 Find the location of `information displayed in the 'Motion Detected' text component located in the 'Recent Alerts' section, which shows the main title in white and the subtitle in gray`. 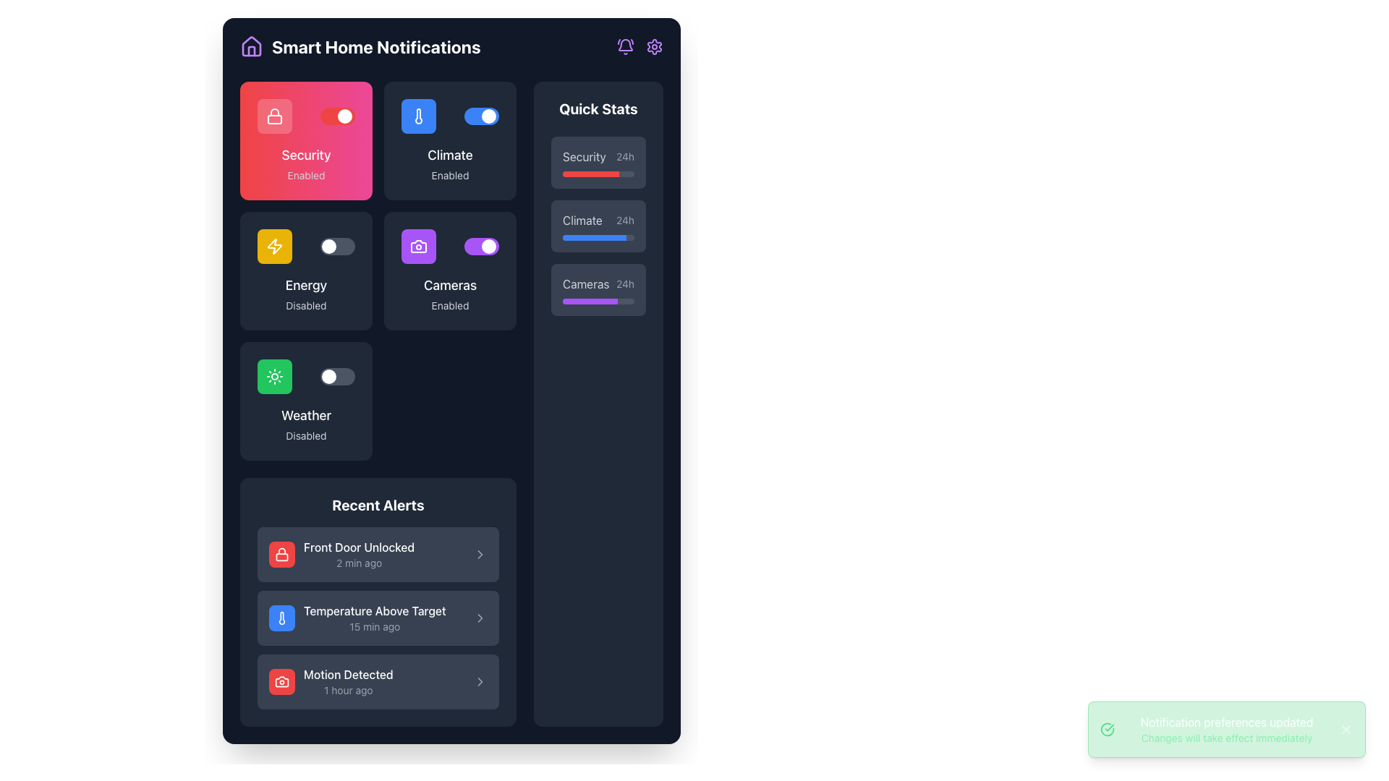

information displayed in the 'Motion Detected' text component located in the 'Recent Alerts' section, which shows the main title in white and the subtitle in gray is located at coordinates (348, 681).